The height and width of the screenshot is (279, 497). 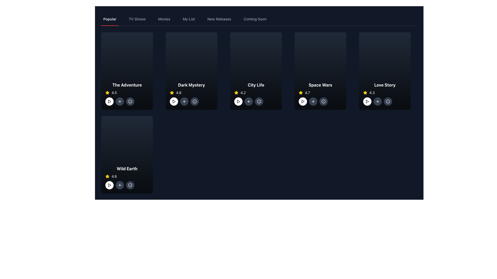 What do you see at coordinates (172, 92) in the screenshot?
I see `the rating icon located on the fourth card in the first row of the grid layout, adjacent to the text '4.7'` at bounding box center [172, 92].